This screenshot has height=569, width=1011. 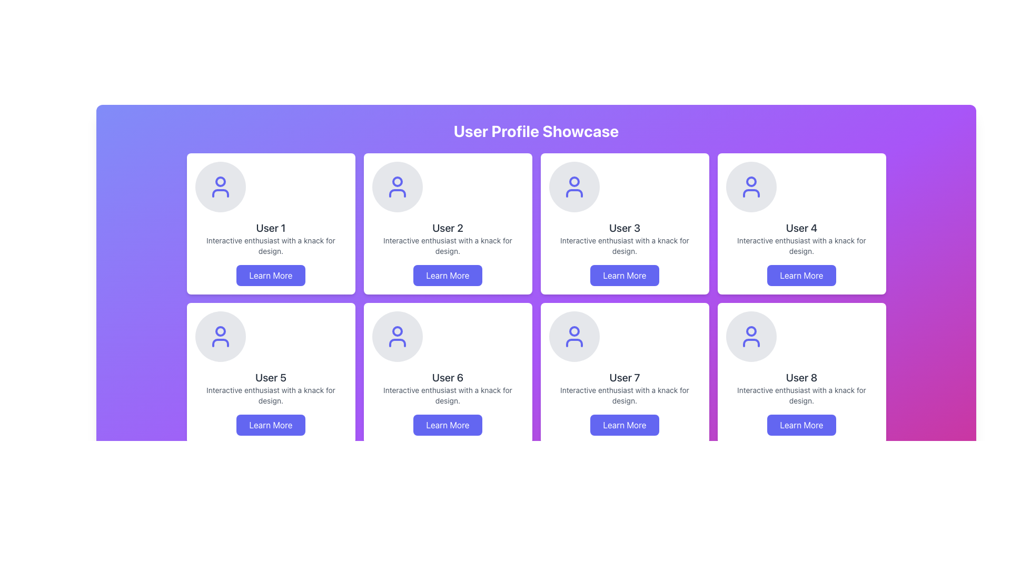 I want to click on the Circle element within the 'User 3' card on the 'User Profile Showcase' page, which serves as a decorative or symbolic addition to the user icon, so click(x=573, y=181).